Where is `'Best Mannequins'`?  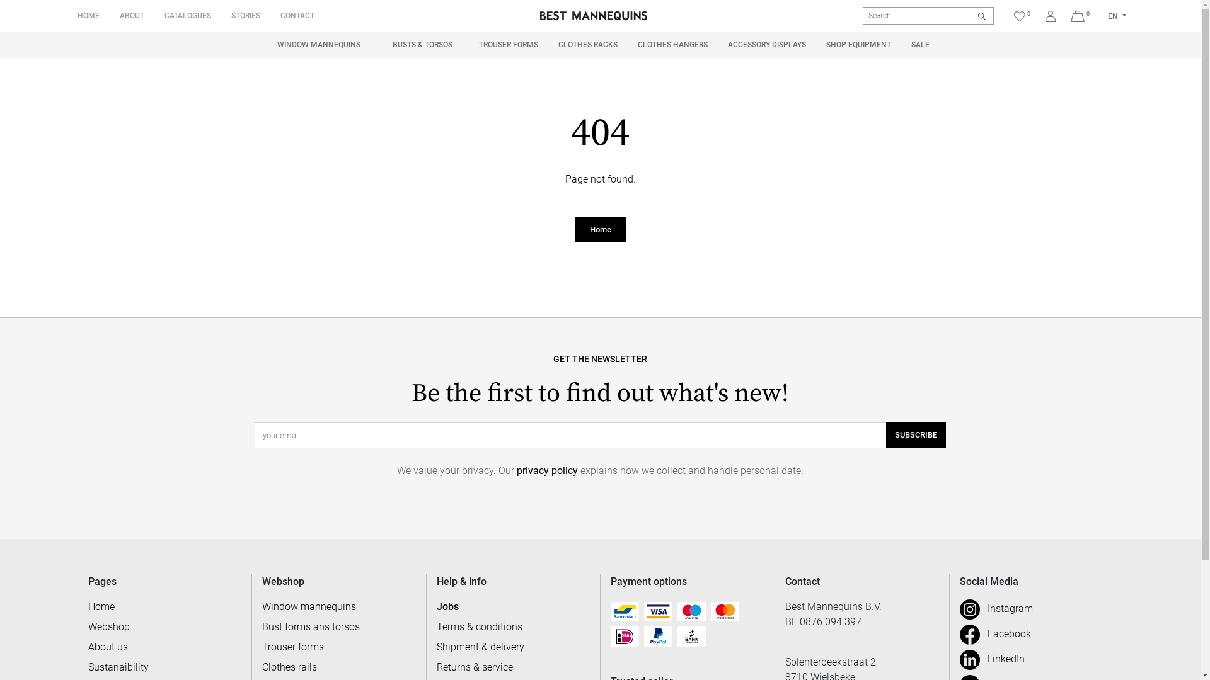 'Best Mannequins' is located at coordinates (593, 15).